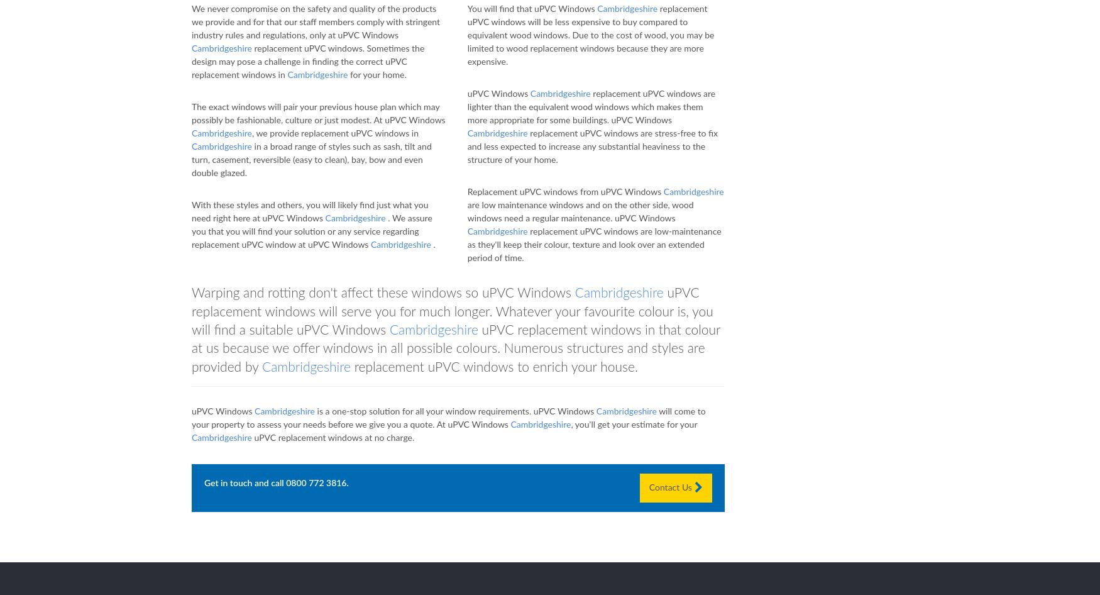 This screenshot has width=1100, height=595. I want to click on 'will come to your property to assess your needs before we give you a quote. At uPVC Windows', so click(448, 418).